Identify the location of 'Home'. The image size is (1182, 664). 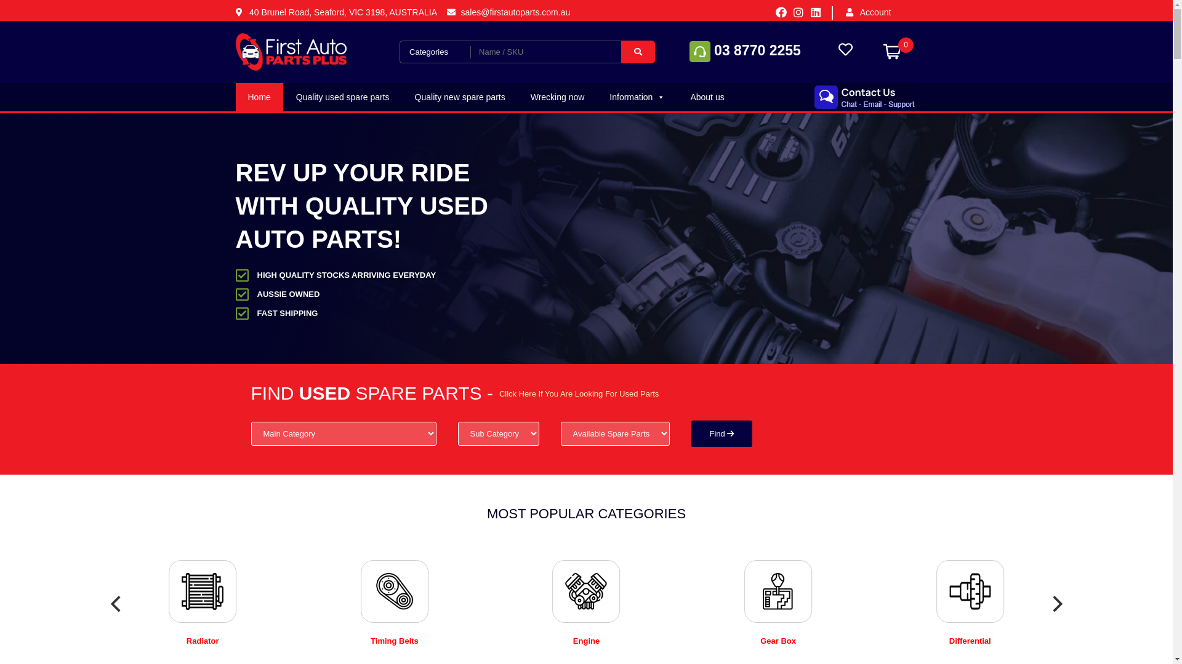
(258, 97).